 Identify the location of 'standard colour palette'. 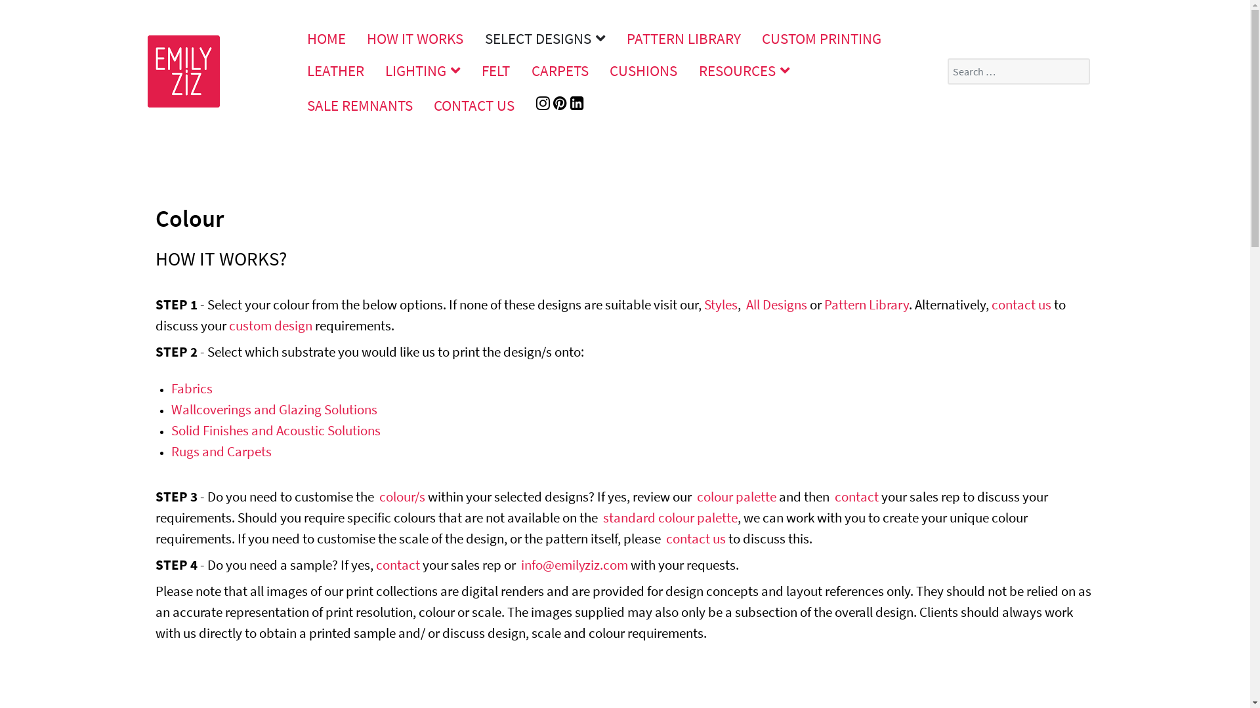
(601, 517).